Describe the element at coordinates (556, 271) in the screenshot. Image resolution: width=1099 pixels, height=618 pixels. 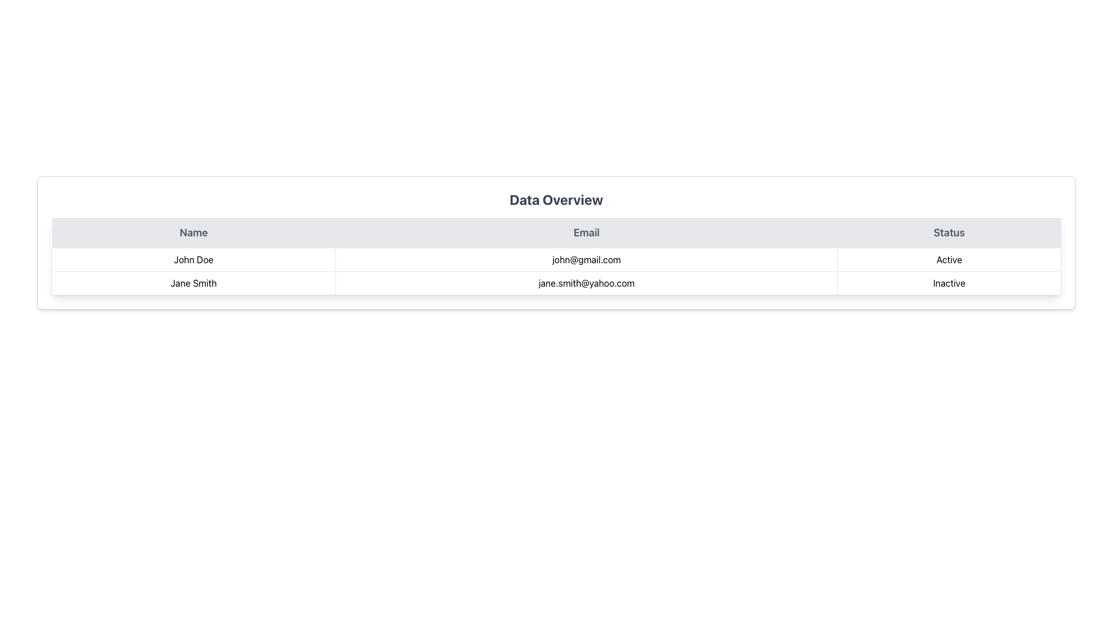
I see `the text displayed in the first row of the table containing 'John Doe', 'john@gmail.com', and 'Active'` at that location.